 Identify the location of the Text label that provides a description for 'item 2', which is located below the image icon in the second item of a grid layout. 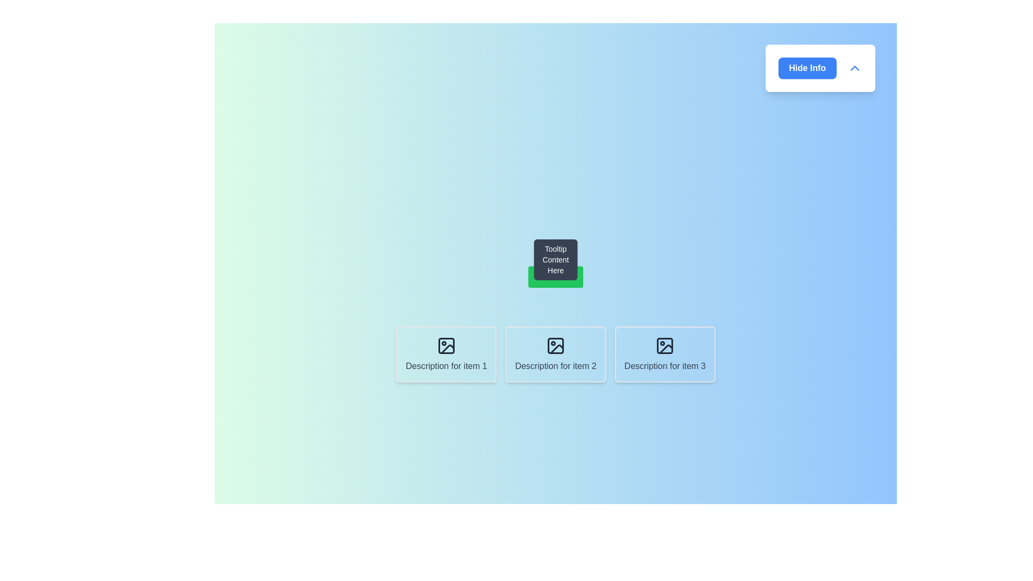
(555, 366).